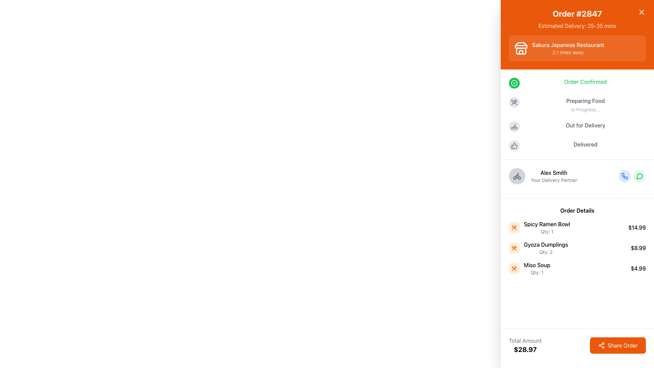 This screenshot has height=368, width=654. What do you see at coordinates (546, 248) in the screenshot?
I see `the text element displaying item details for 'Gyoza Dumplings' in the order summary, located in the 'Order Details' section of the right-hand sidebar, as the second item in the list` at bounding box center [546, 248].